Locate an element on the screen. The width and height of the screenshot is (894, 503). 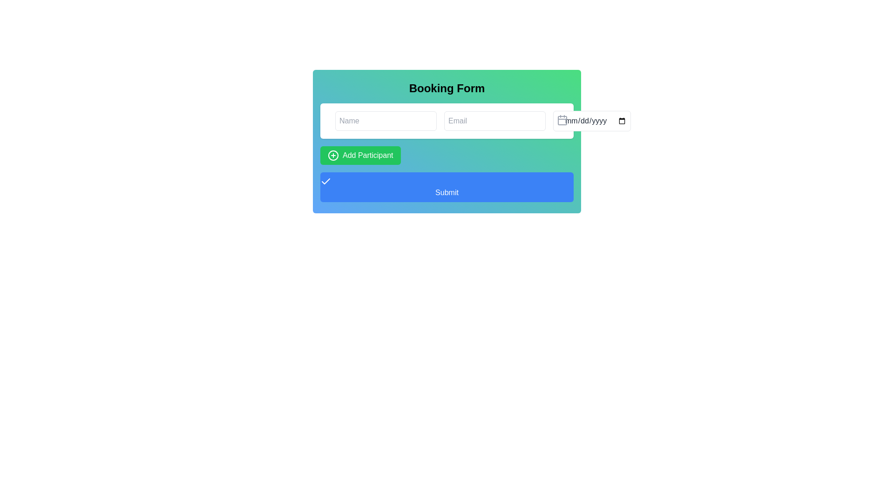
the calendar icon located to the left of the date input field in the booking form is located at coordinates (562, 120).